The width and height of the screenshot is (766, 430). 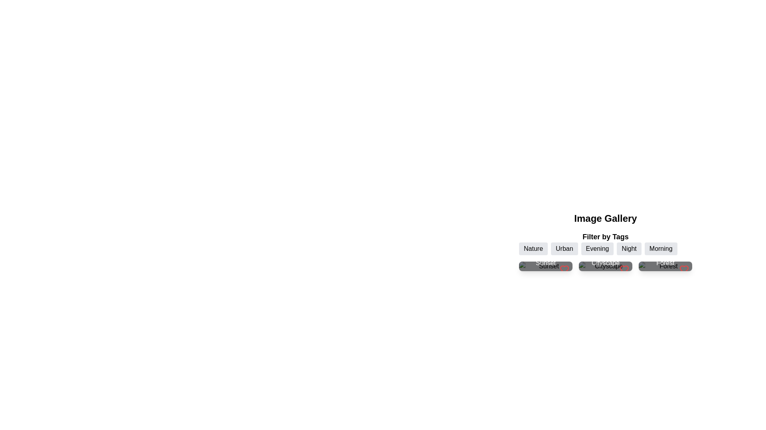 I want to click on the heart icon located in the top-right corner of the card labeled 'Sunset', so click(x=564, y=269).